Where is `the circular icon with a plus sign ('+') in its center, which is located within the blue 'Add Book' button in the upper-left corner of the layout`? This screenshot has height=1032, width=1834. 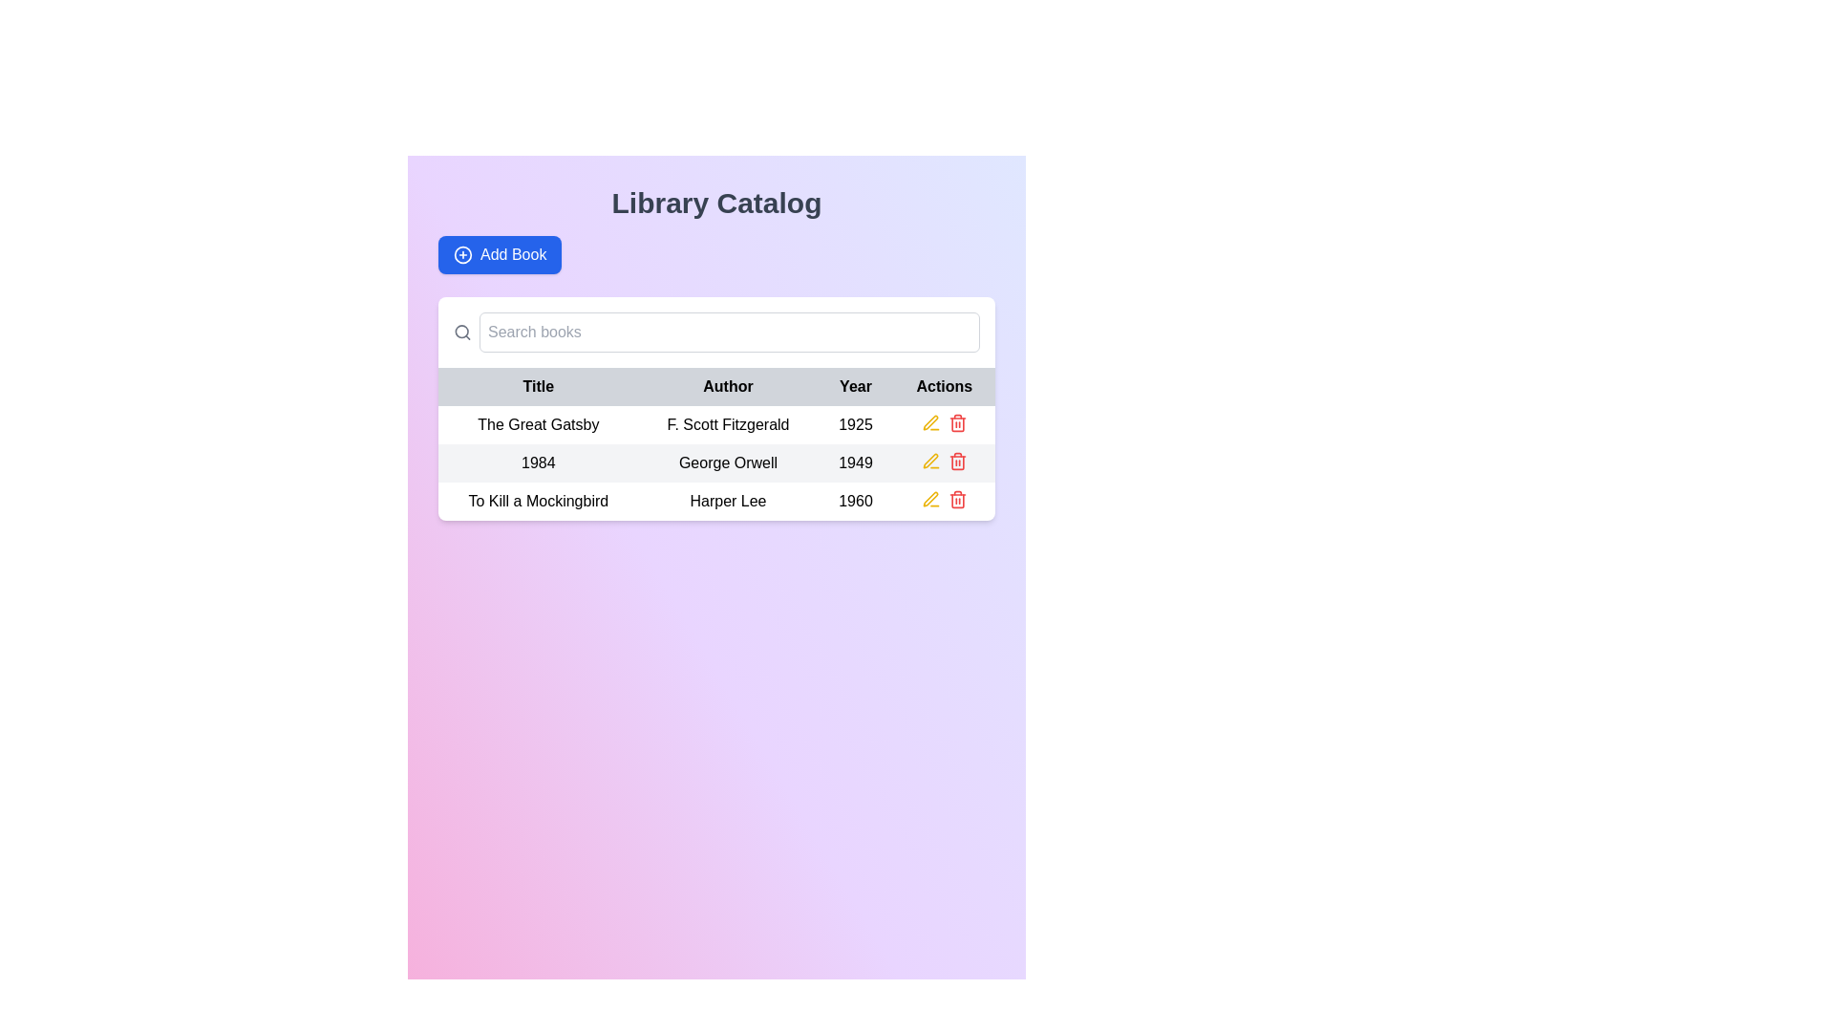 the circular icon with a plus sign ('+') in its center, which is located within the blue 'Add Book' button in the upper-left corner of the layout is located at coordinates (462, 253).